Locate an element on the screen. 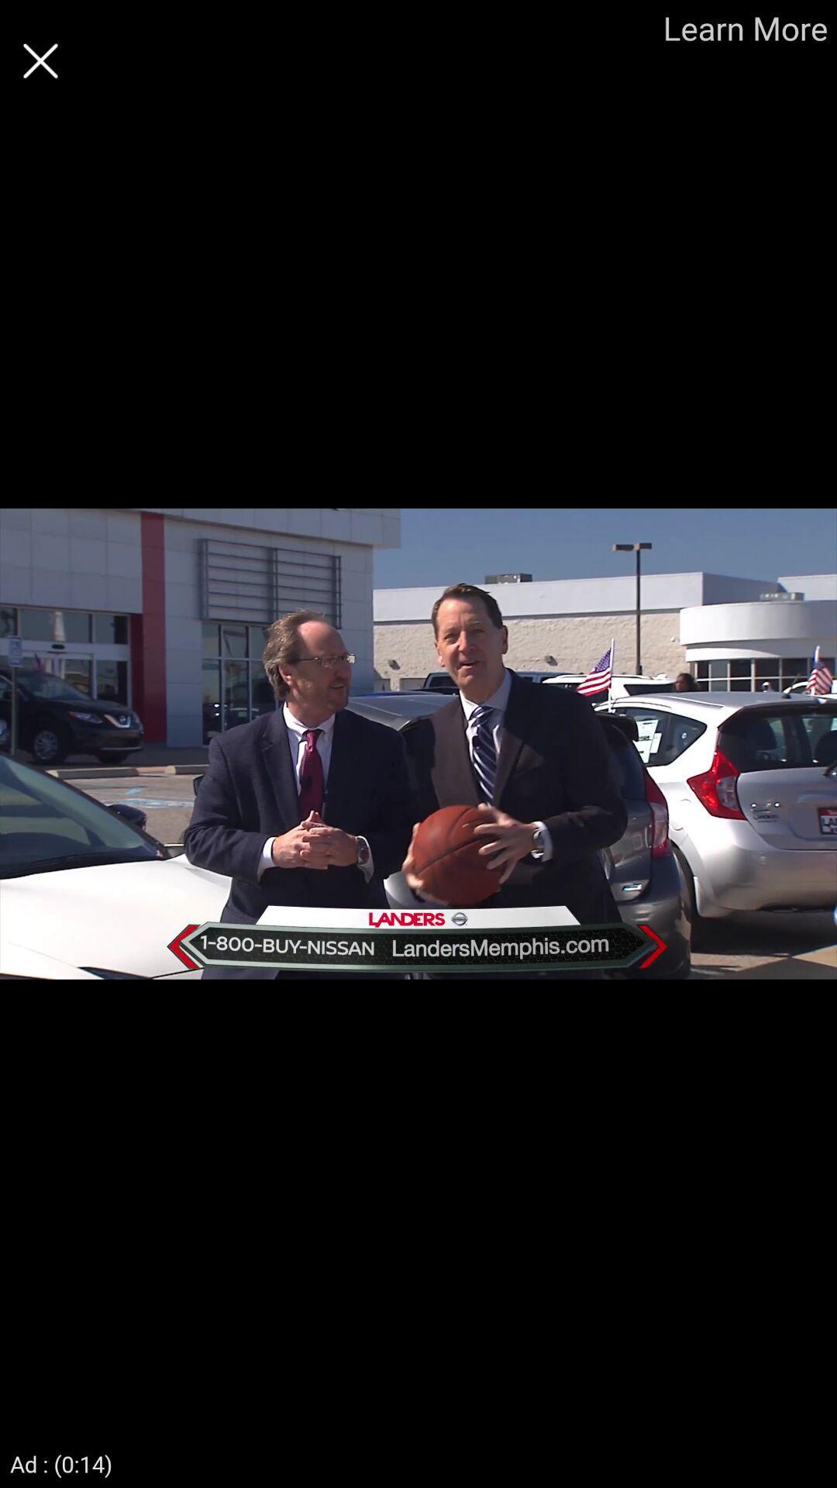 Image resolution: width=837 pixels, height=1488 pixels. exit out is located at coordinates (40, 60).